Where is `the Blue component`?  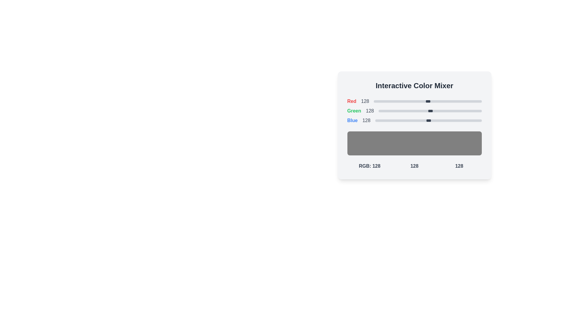 the Blue component is located at coordinates (425, 120).